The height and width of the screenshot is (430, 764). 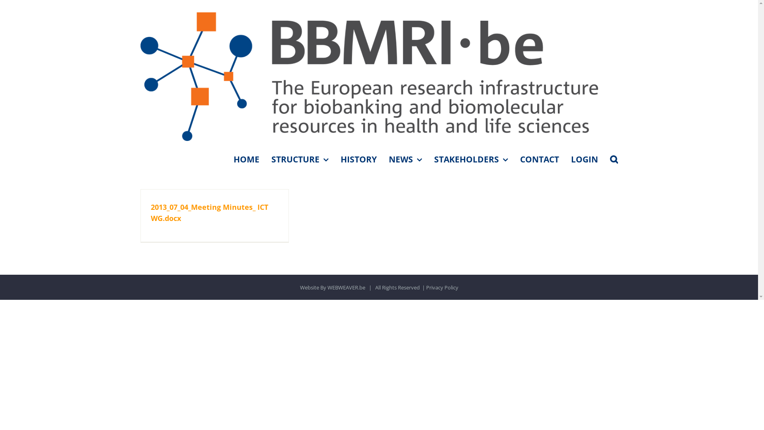 I want to click on 'LOGIN', so click(x=584, y=159).